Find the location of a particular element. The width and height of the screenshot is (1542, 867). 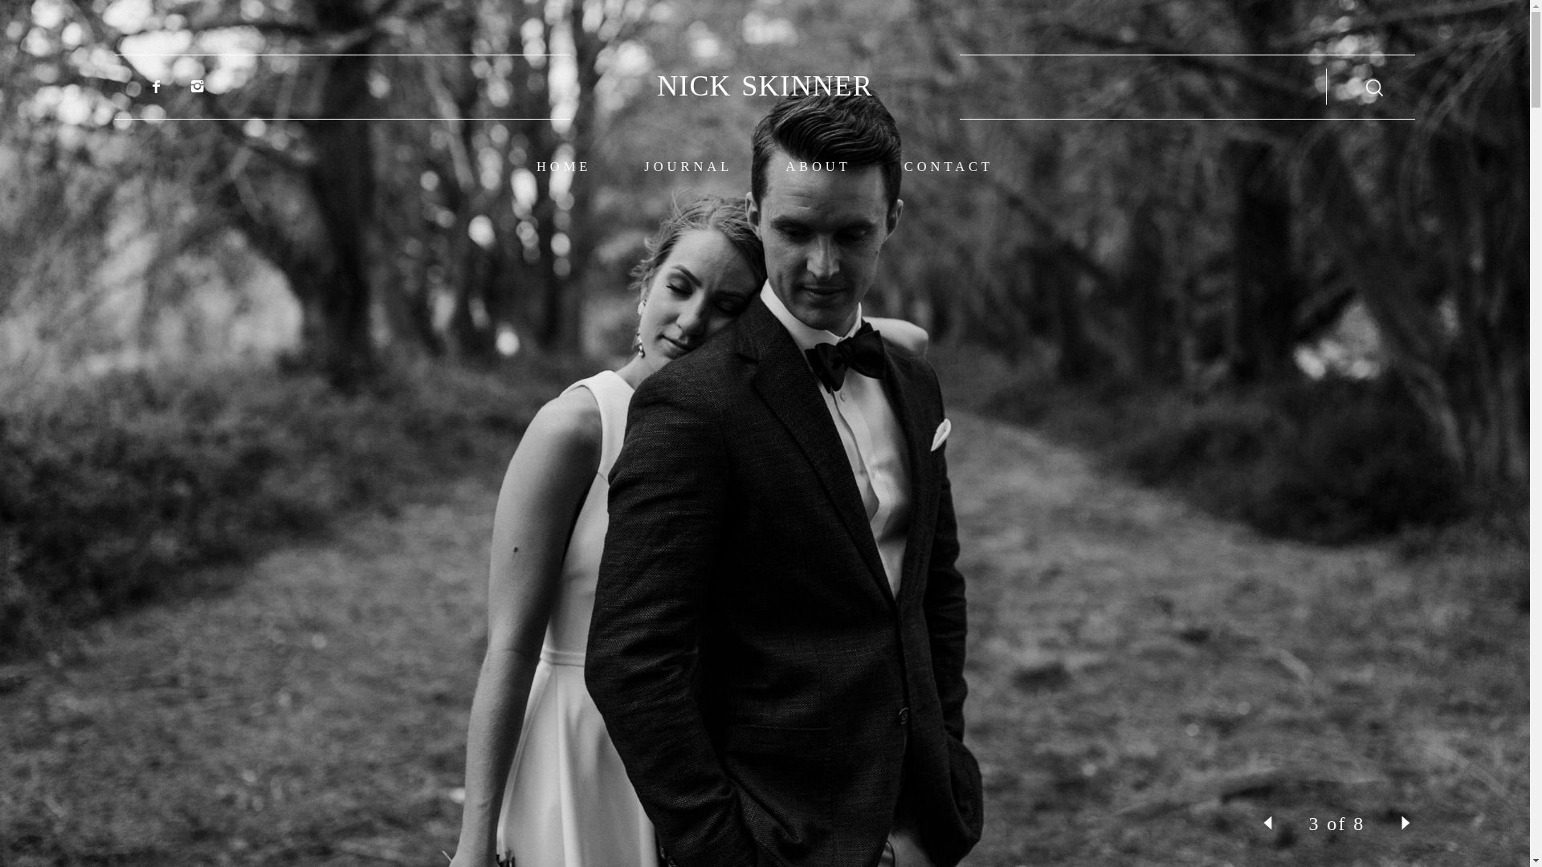

'NICK SKINNER' is located at coordinates (763, 87).